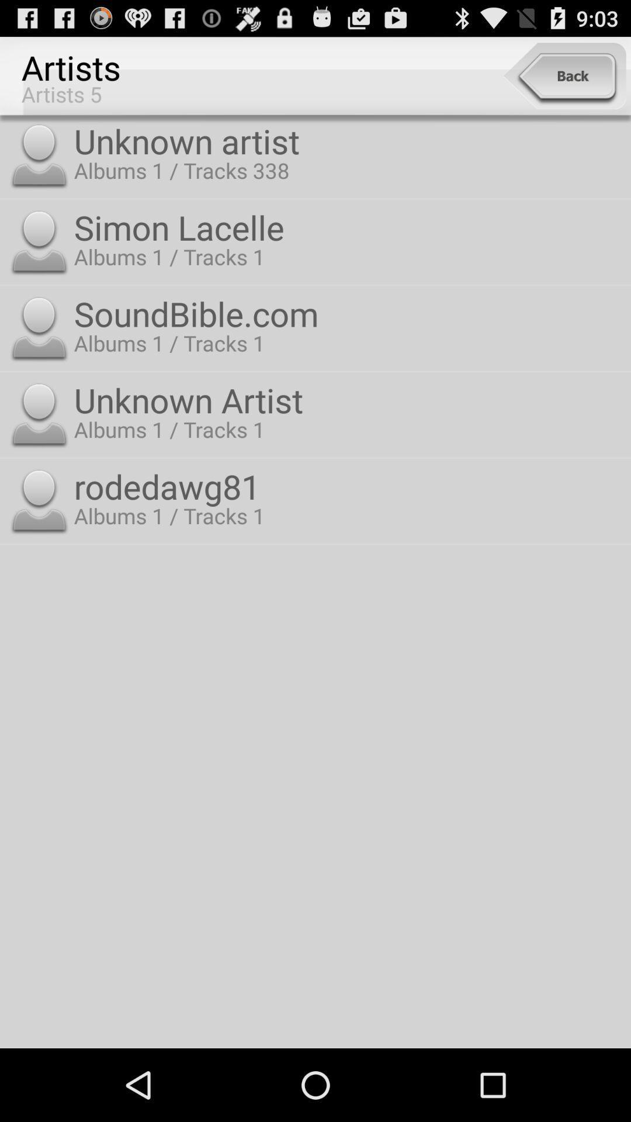 This screenshot has width=631, height=1122. Describe the element at coordinates (349, 313) in the screenshot. I see `item above the unknown artist icon` at that location.